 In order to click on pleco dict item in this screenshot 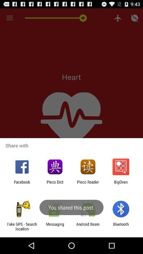, I will do `click(55, 184)`.